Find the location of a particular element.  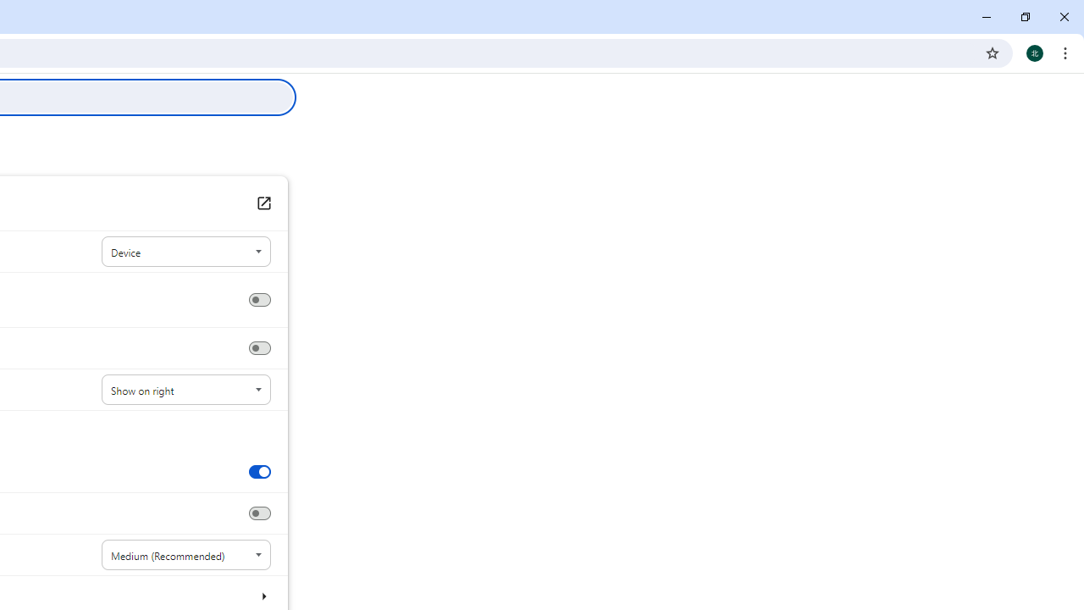

'Font size' is located at coordinates (185, 555).